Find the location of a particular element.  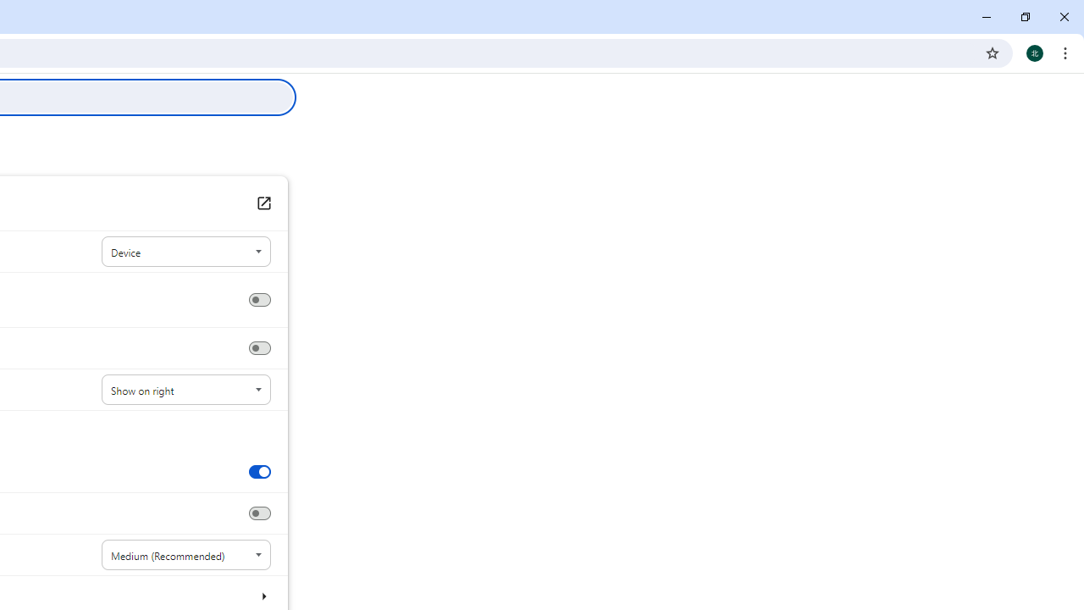

'Font size' is located at coordinates (185, 555).